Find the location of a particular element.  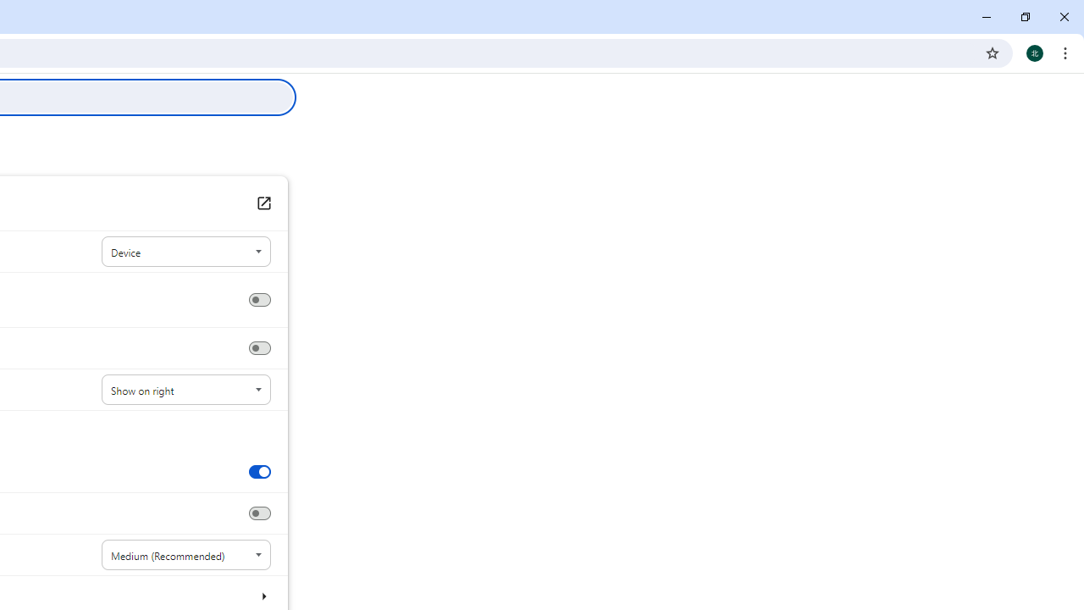

'Font size' is located at coordinates (185, 555).